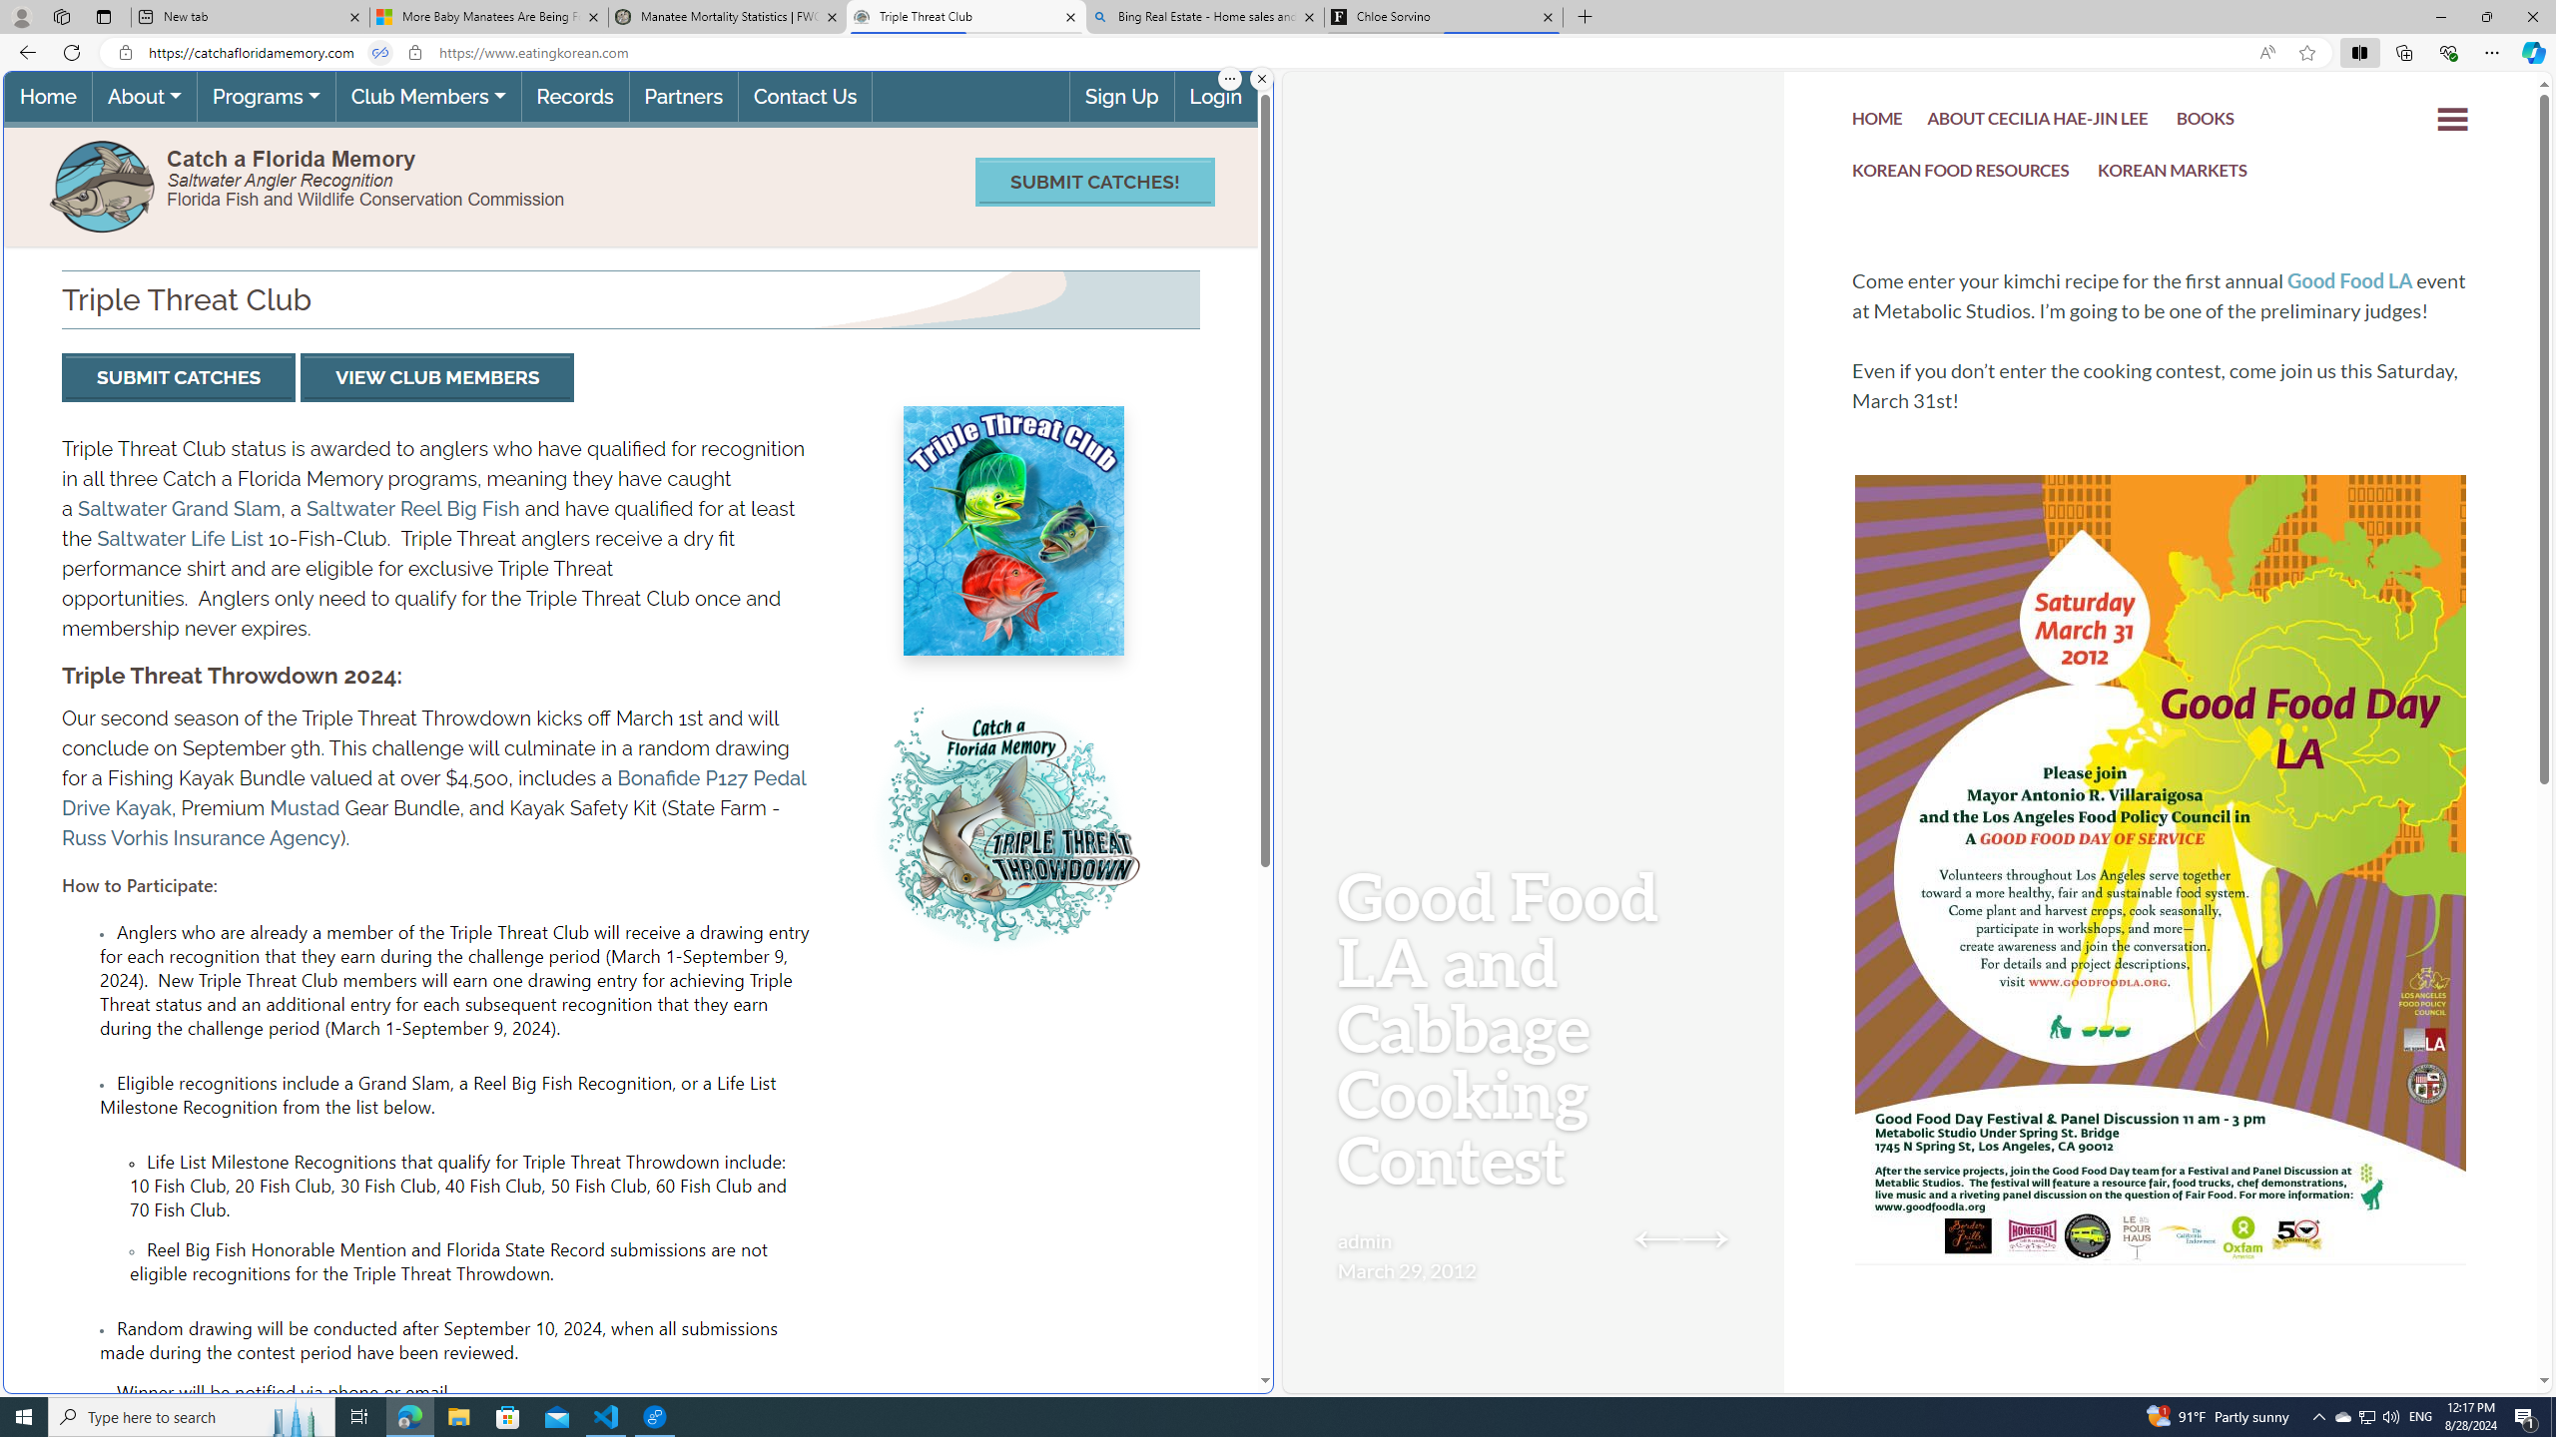  I want to click on 'Browser essentials', so click(2447, 51).